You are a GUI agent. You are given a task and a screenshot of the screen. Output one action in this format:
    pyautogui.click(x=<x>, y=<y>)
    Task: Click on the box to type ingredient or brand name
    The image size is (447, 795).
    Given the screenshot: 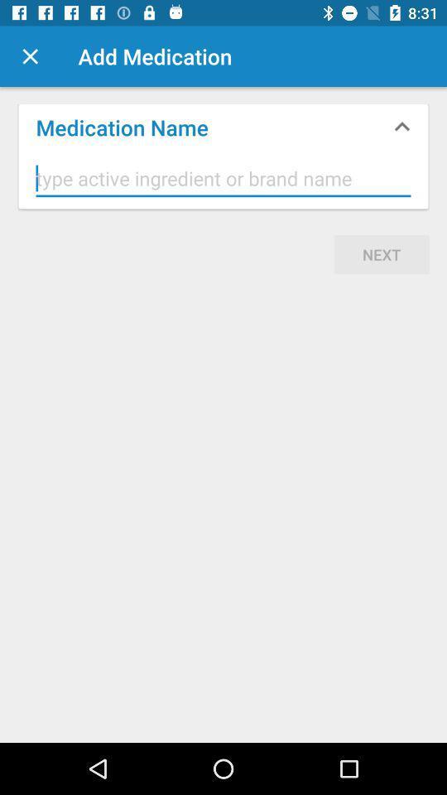 What is the action you would take?
    pyautogui.click(x=223, y=179)
    